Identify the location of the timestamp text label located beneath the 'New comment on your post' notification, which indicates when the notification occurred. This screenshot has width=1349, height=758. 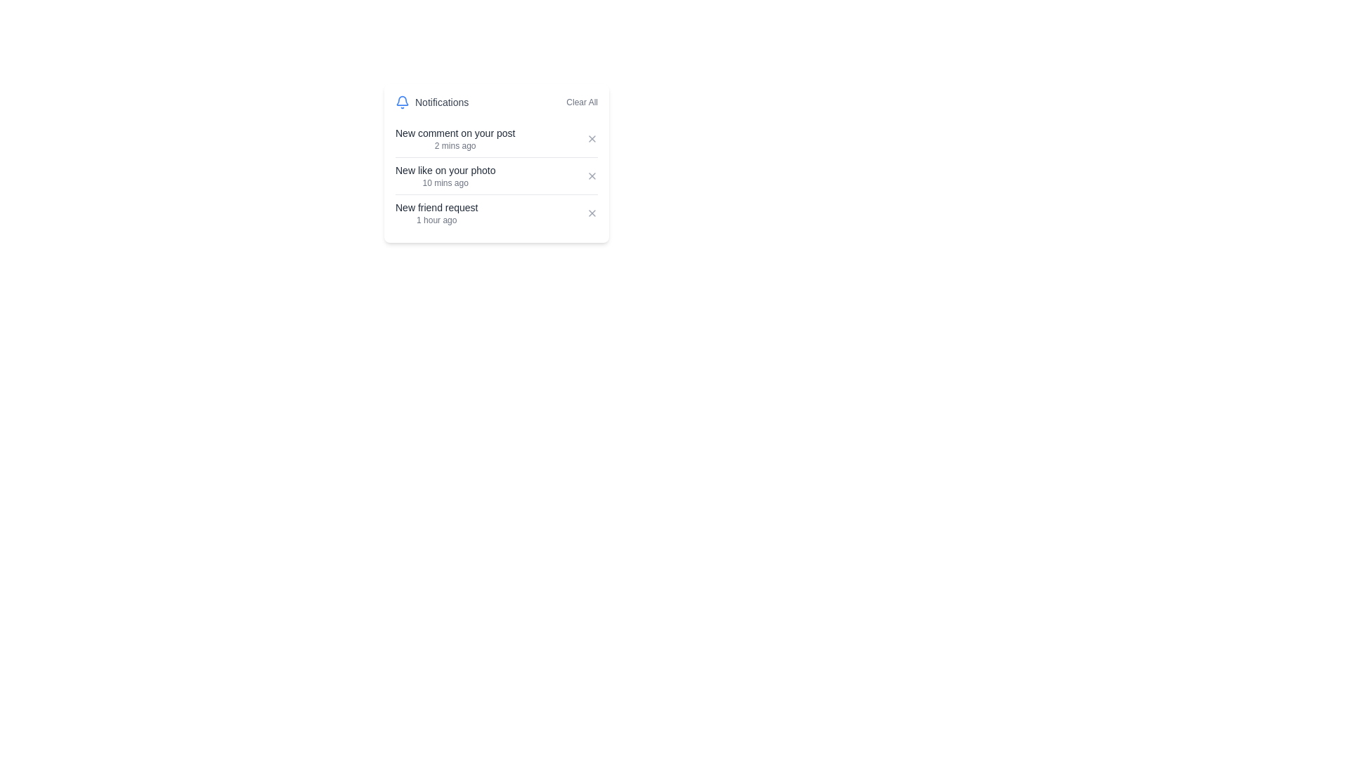
(455, 146).